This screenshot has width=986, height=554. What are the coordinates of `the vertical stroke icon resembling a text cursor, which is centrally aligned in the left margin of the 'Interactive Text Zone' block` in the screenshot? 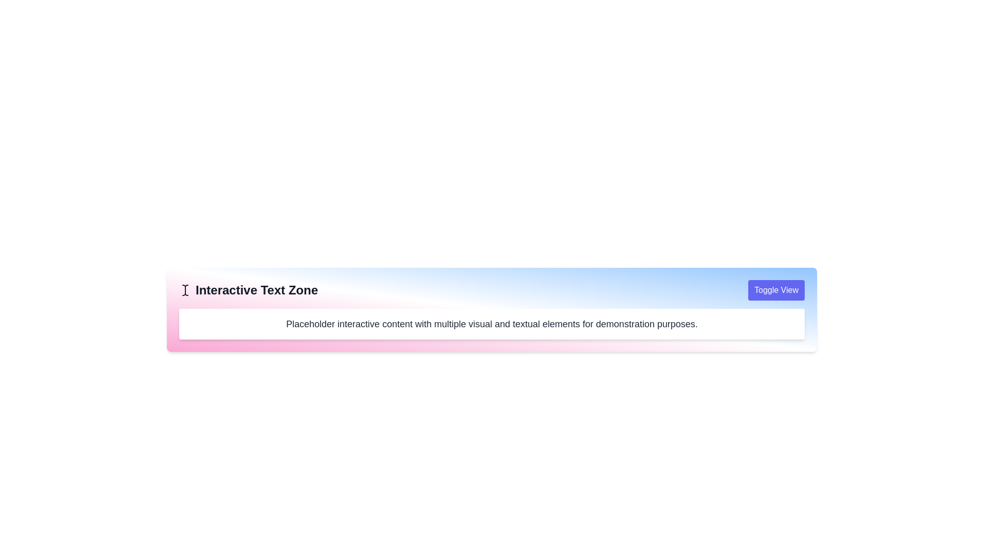 It's located at (186, 290).